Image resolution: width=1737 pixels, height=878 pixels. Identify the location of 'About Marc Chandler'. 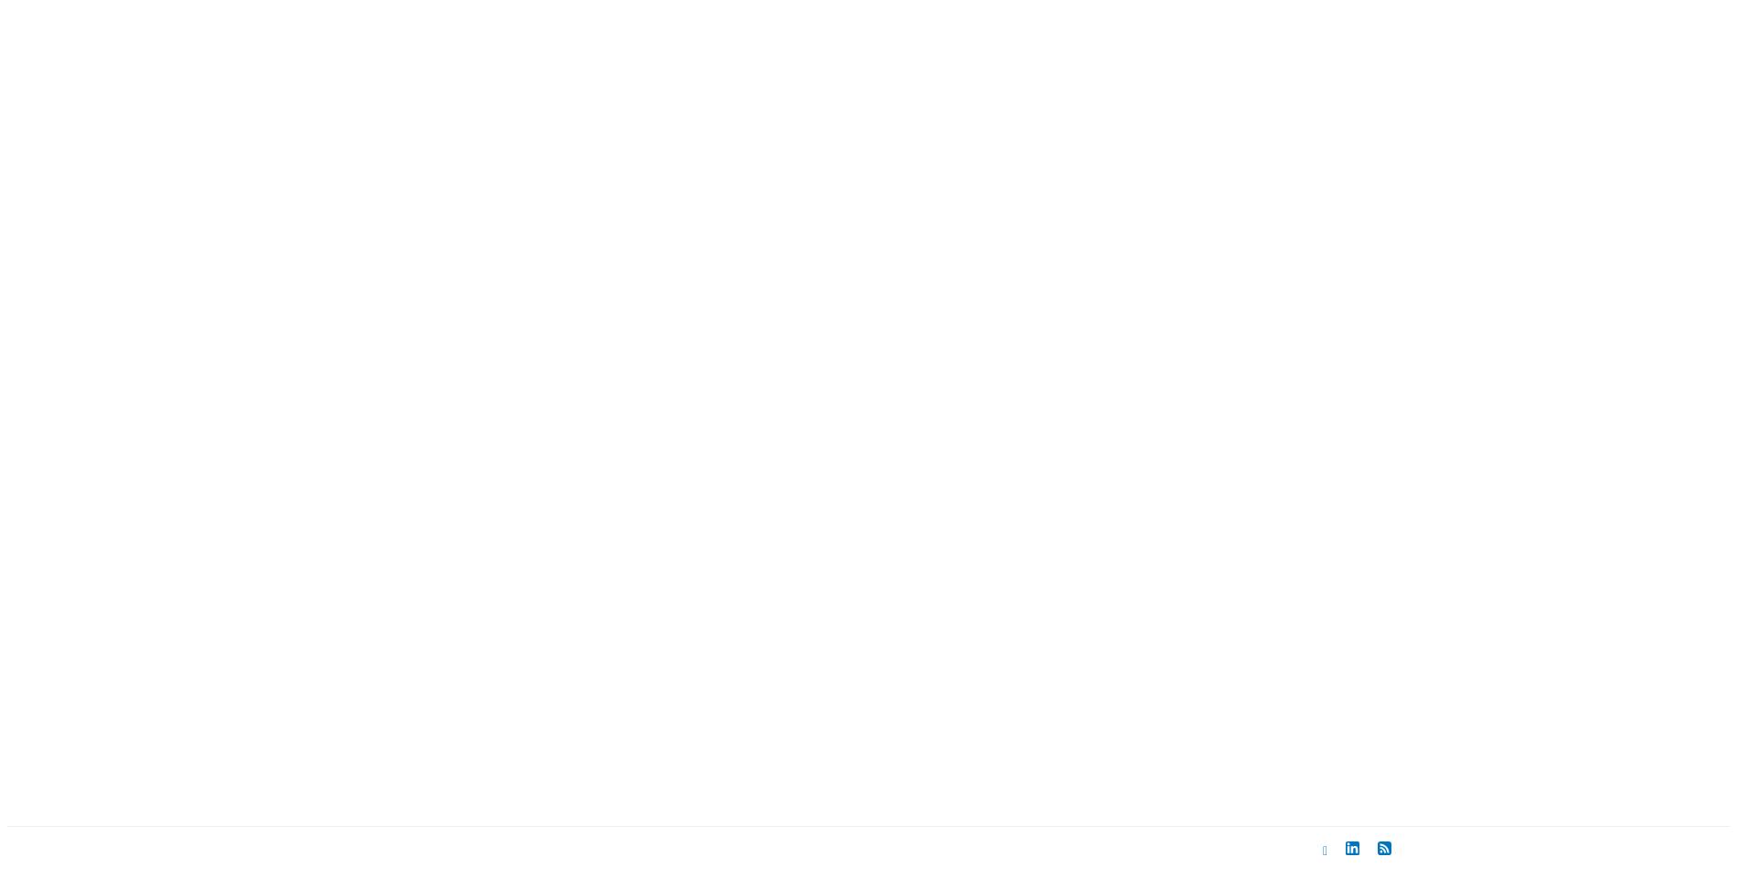
(763, 743).